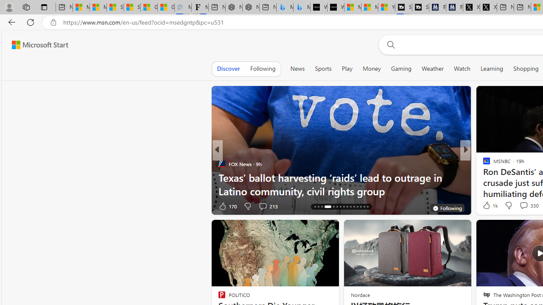 The width and height of the screenshot is (543, 305). Describe the element at coordinates (489, 206) in the screenshot. I see `'181 Like'` at that location.